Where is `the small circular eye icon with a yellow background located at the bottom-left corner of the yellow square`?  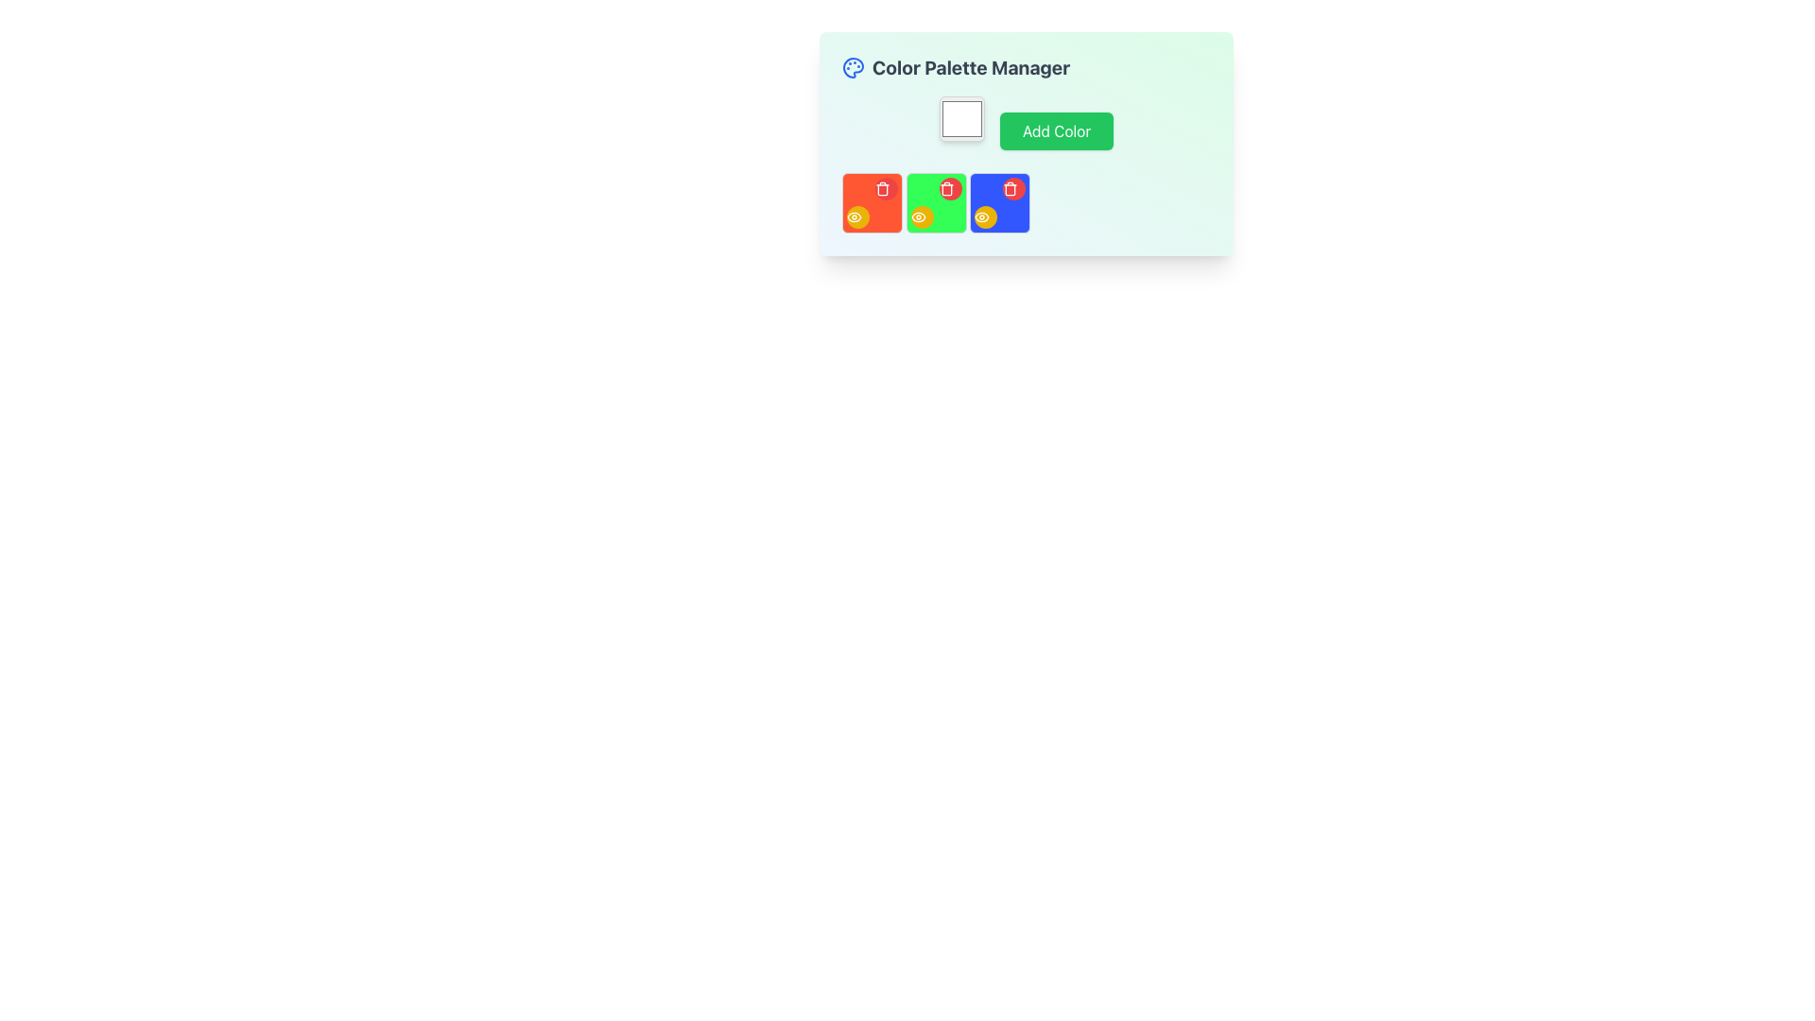
the small circular eye icon with a yellow background located at the bottom-left corner of the yellow square is located at coordinates (918, 216).